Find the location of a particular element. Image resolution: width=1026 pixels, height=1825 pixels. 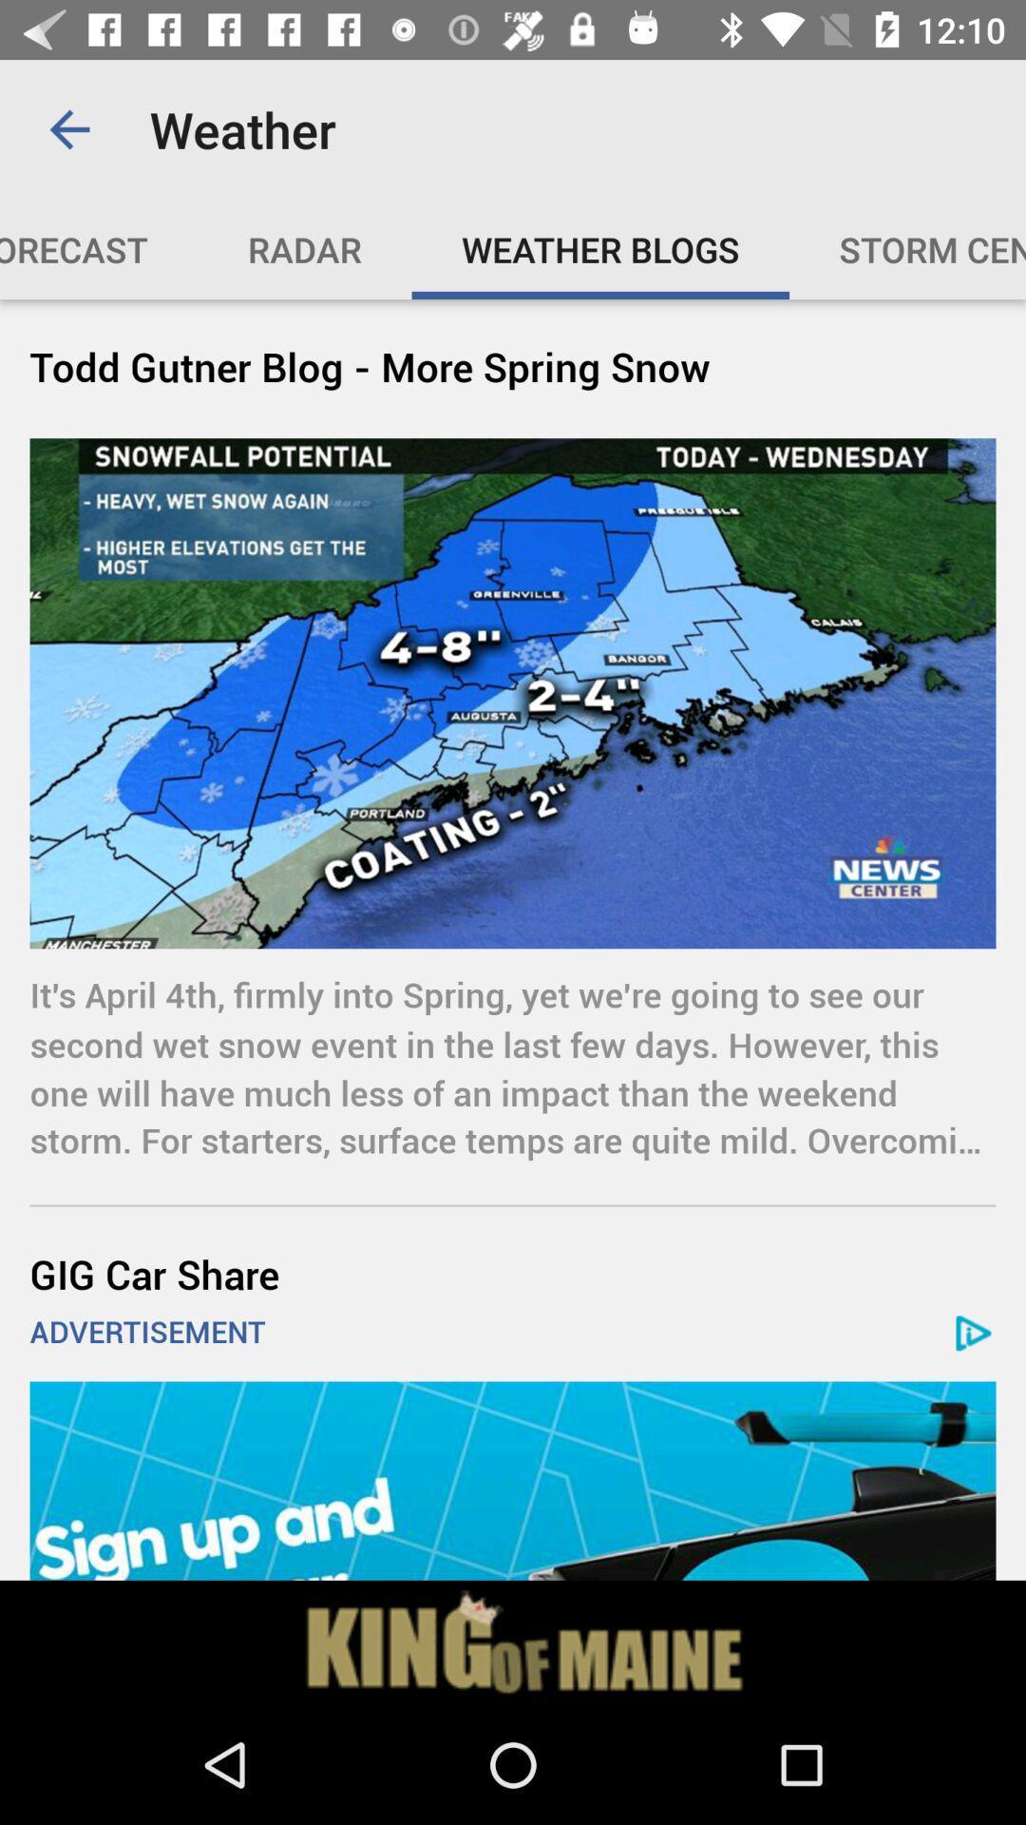

the icon above the advertisement icon is located at coordinates (513, 1274).